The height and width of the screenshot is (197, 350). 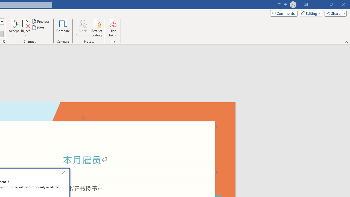 I want to click on 'Hide Ink', so click(x=112, y=28).